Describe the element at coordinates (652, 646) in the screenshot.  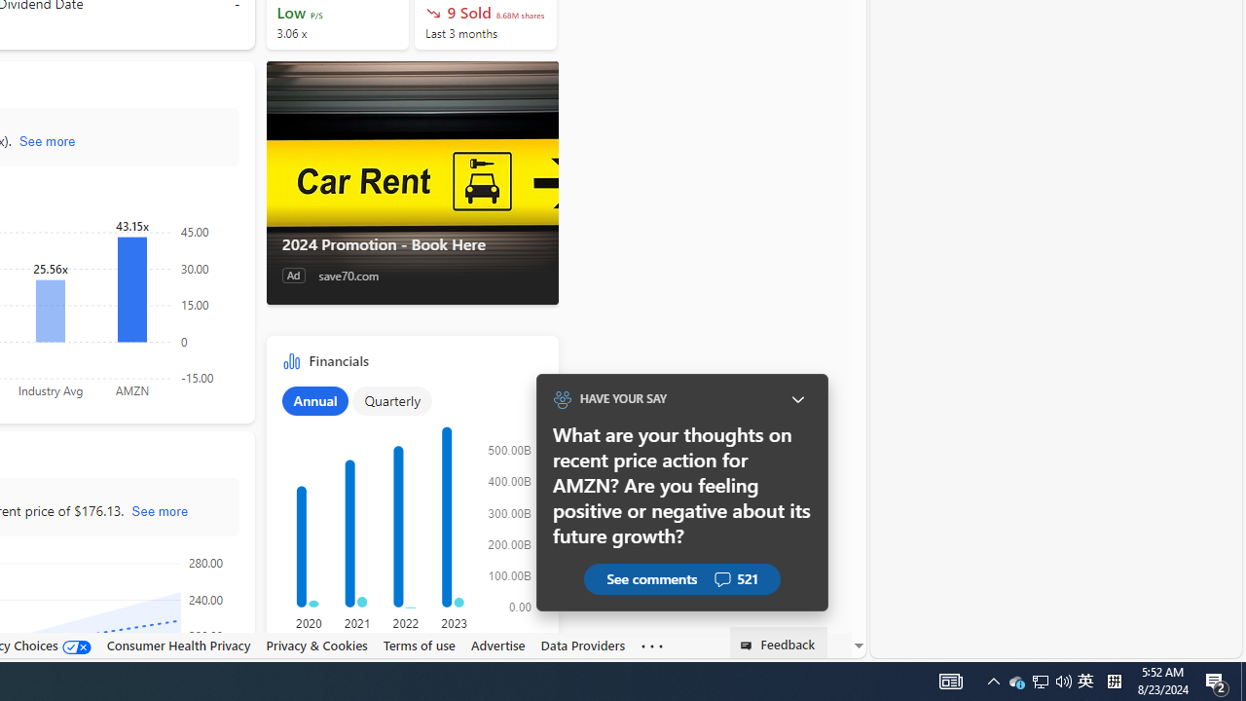
I see `'Class: oneFooter_seeMore-DS-EntryPoint1-1'` at that location.